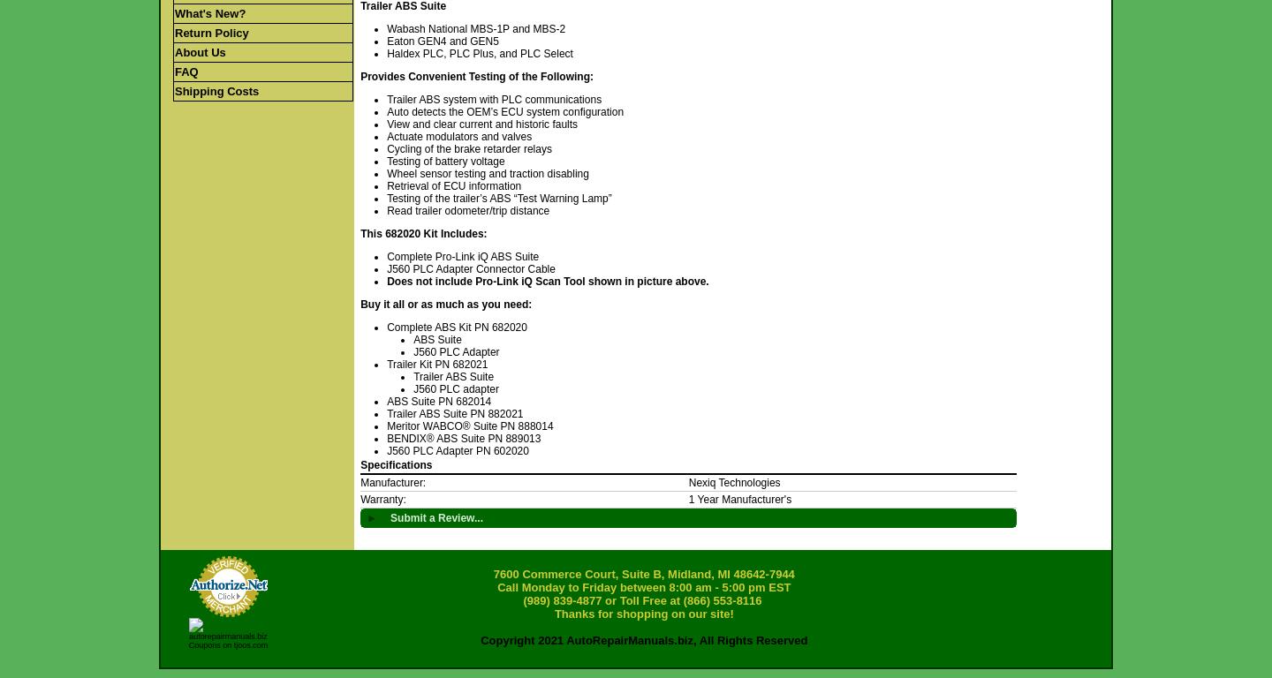 Image resolution: width=1272 pixels, height=678 pixels. What do you see at coordinates (392, 481) in the screenshot?
I see `'Manufacturer:'` at bounding box center [392, 481].